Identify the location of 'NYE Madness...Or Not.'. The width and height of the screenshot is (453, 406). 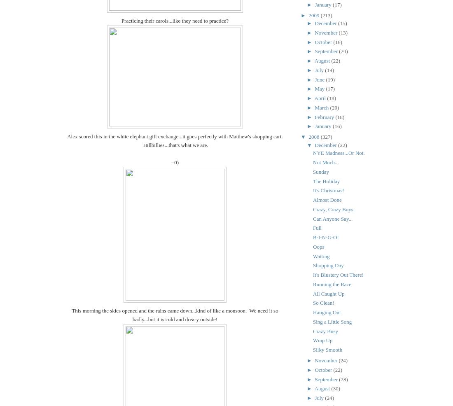
(339, 152).